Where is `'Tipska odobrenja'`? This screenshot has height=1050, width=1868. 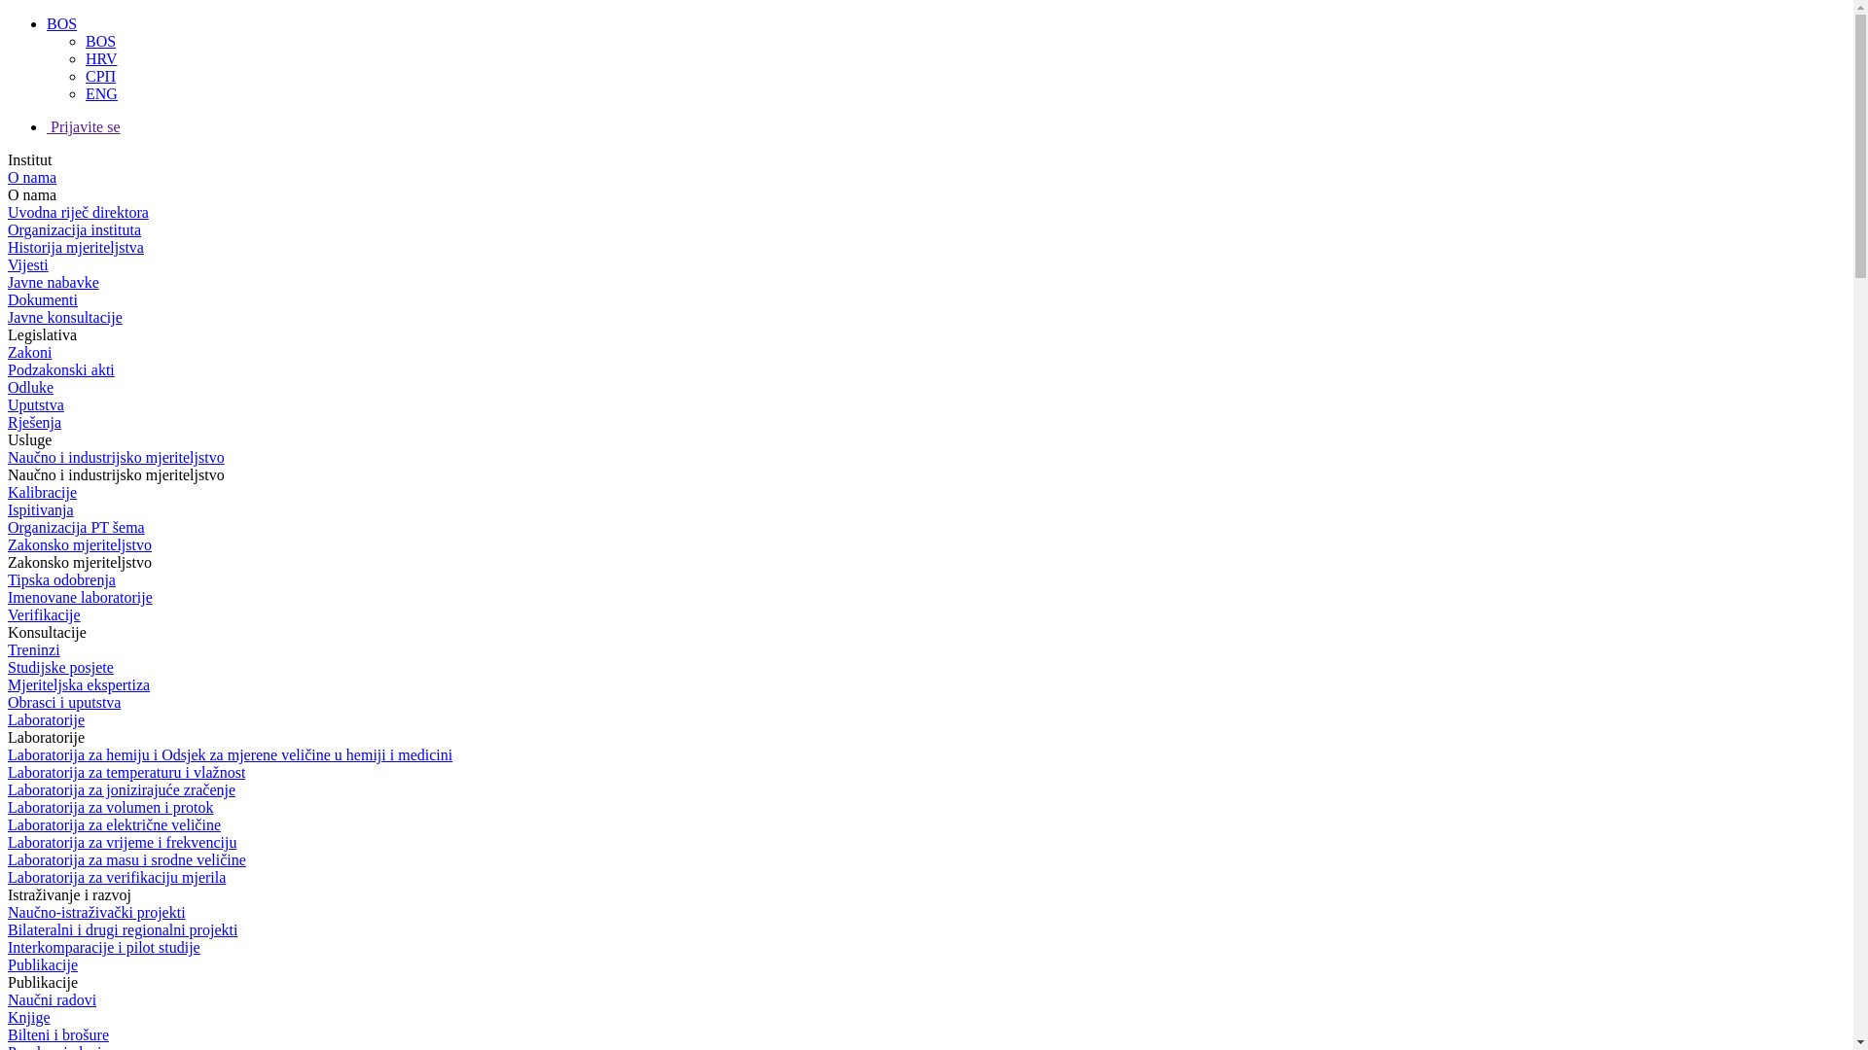 'Tipska odobrenja' is located at coordinates (8, 578).